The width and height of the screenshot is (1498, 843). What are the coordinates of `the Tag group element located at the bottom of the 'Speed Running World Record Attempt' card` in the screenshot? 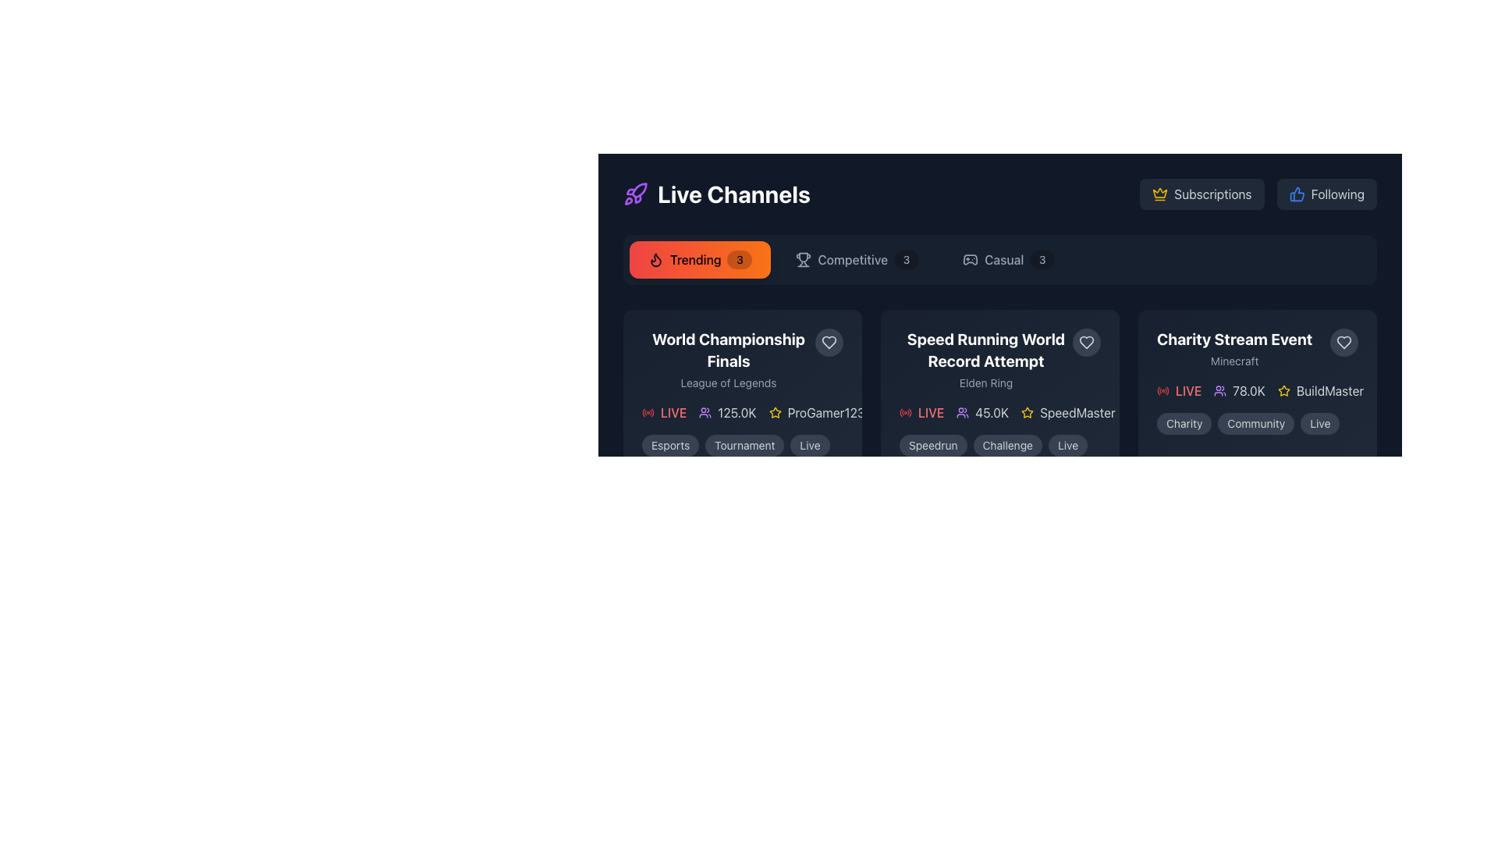 It's located at (999, 445).